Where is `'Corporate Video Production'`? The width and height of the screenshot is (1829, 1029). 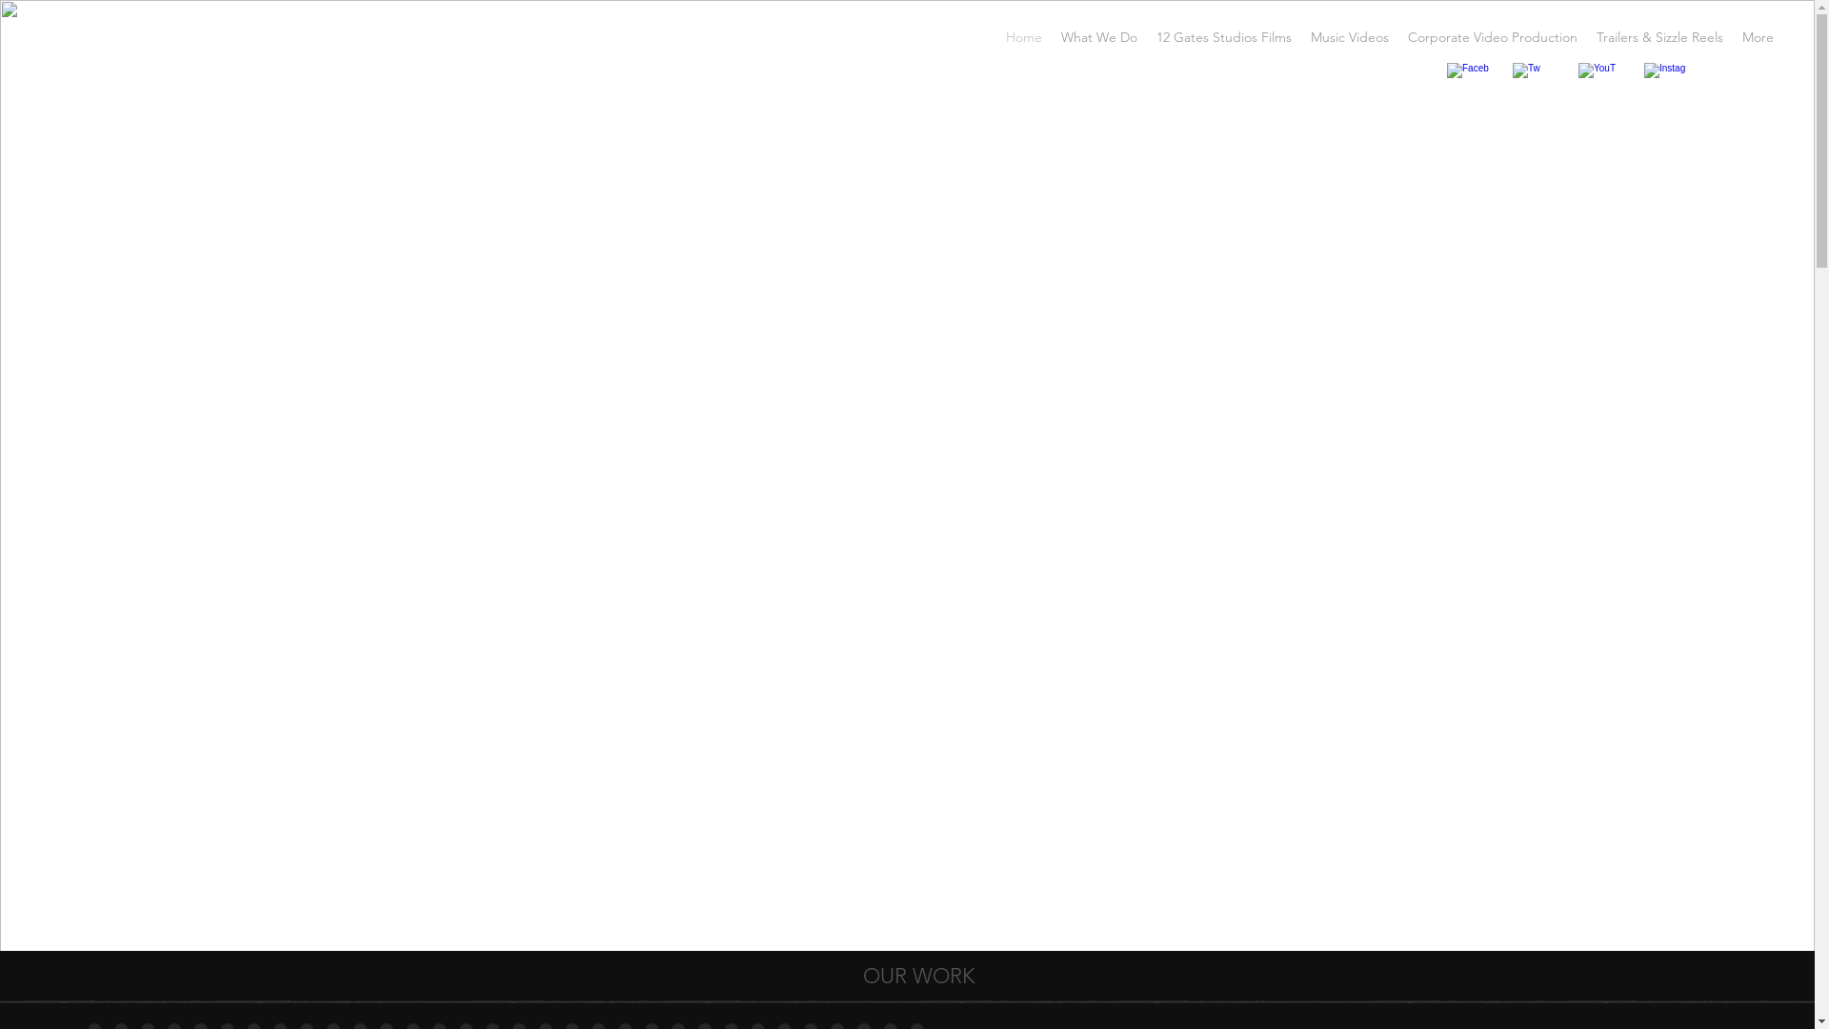
'Corporate Video Production' is located at coordinates (1491, 36).